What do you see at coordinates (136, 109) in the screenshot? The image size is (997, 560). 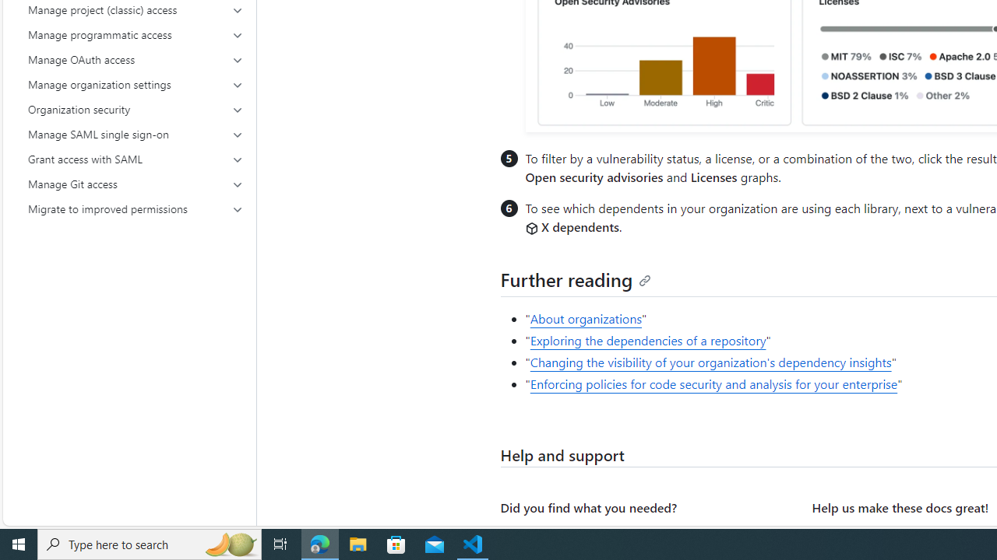 I see `'Organization security'` at bounding box center [136, 109].